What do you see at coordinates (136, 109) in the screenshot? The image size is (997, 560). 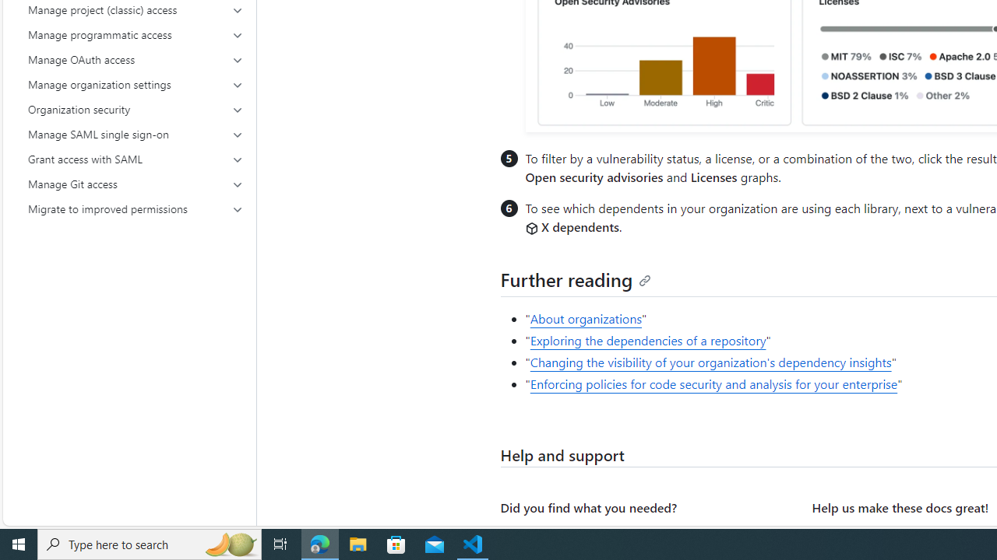 I see `'Organization security'` at bounding box center [136, 109].